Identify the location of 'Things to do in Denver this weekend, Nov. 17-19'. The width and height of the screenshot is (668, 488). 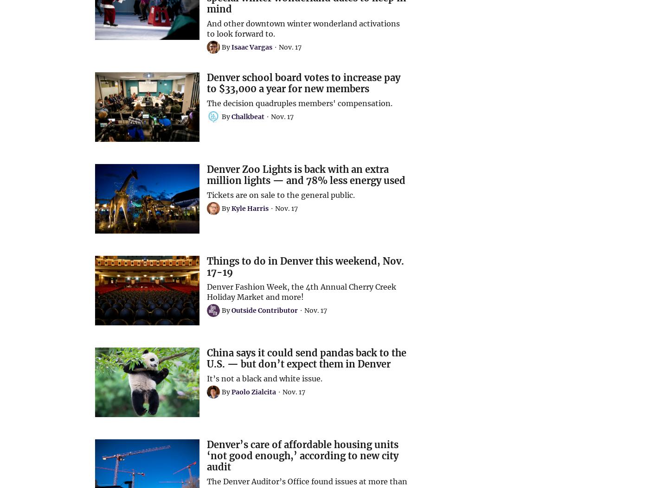
(305, 266).